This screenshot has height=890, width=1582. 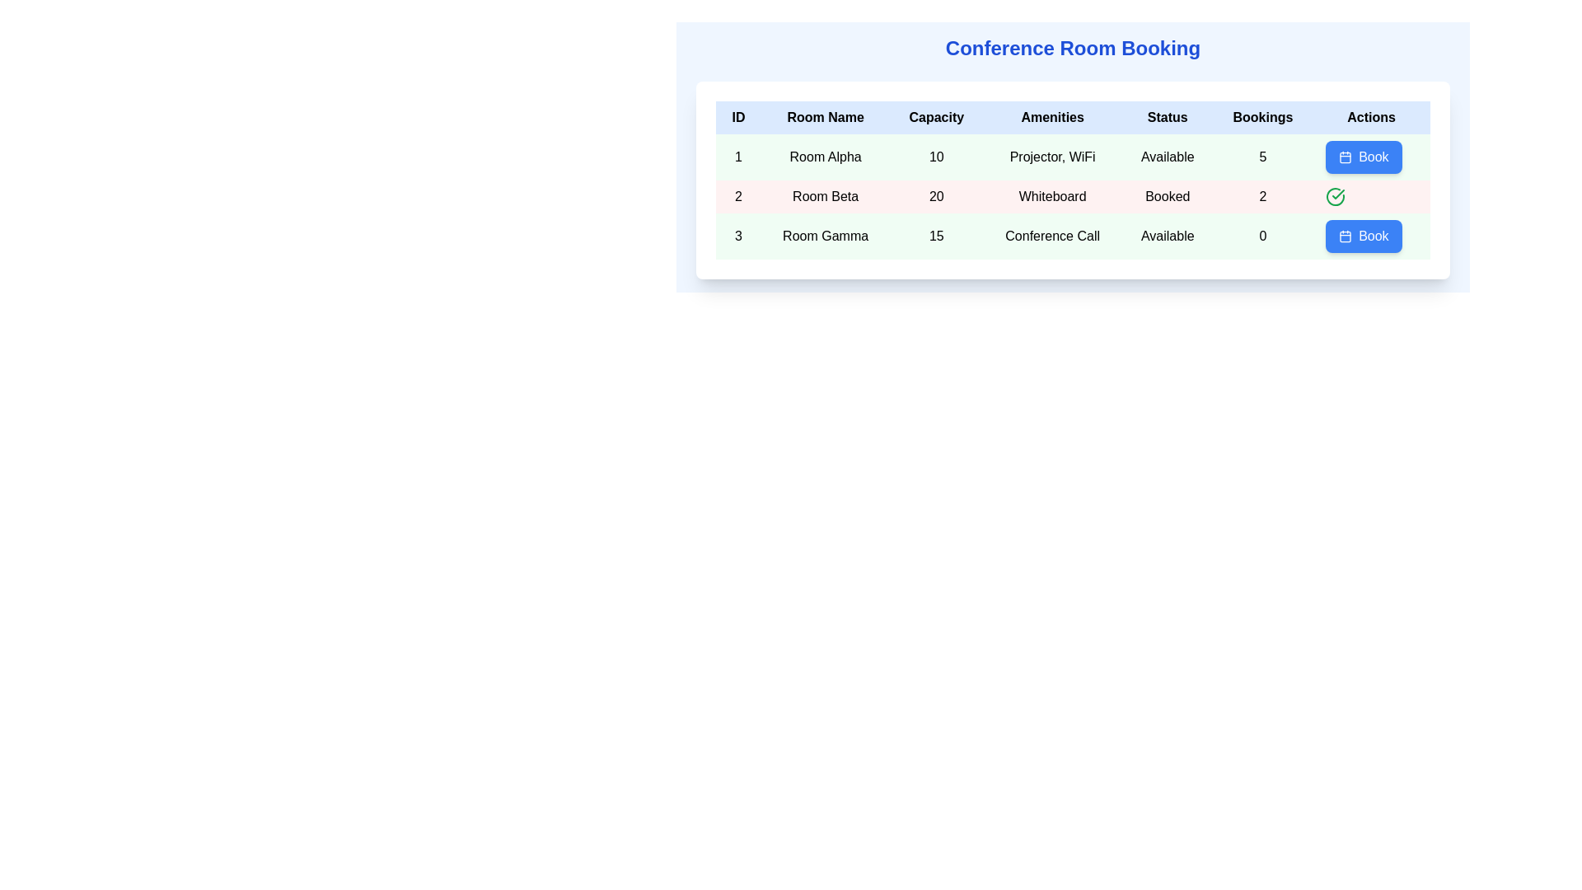 What do you see at coordinates (936, 116) in the screenshot?
I see `the text label element styled with a black font that displays 'Capacity', located in the header row of a table, positioned between 'Room Name' and 'Amenities'` at bounding box center [936, 116].